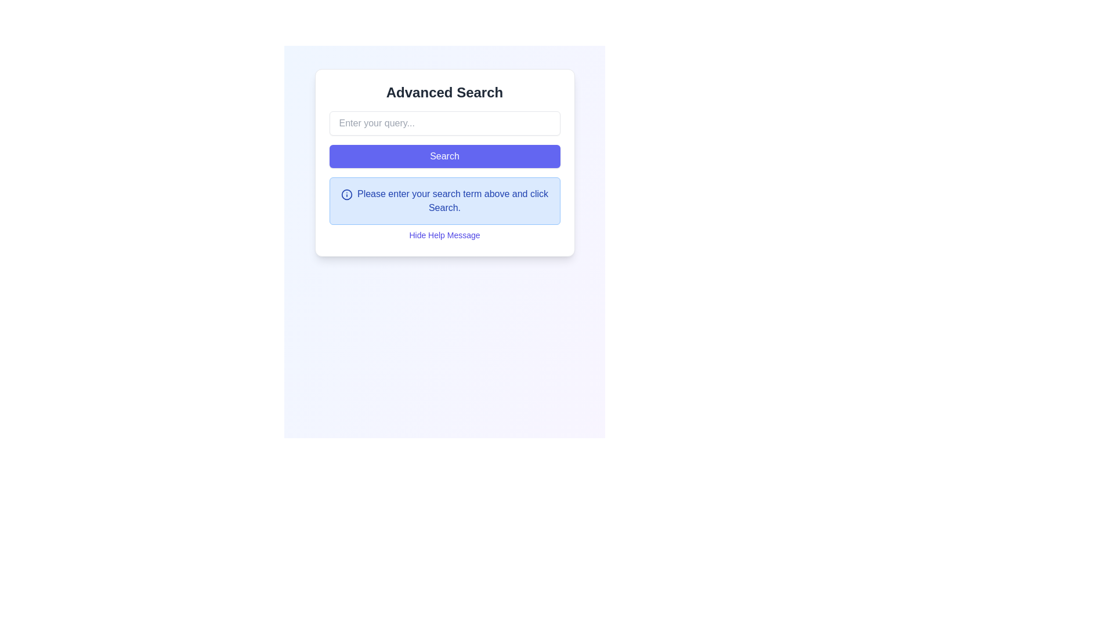 The height and width of the screenshot is (626, 1114). Describe the element at coordinates (444, 163) in the screenshot. I see `the 'Search' button located under the title 'Advanced Search' to initiate a search based on the input query` at that location.